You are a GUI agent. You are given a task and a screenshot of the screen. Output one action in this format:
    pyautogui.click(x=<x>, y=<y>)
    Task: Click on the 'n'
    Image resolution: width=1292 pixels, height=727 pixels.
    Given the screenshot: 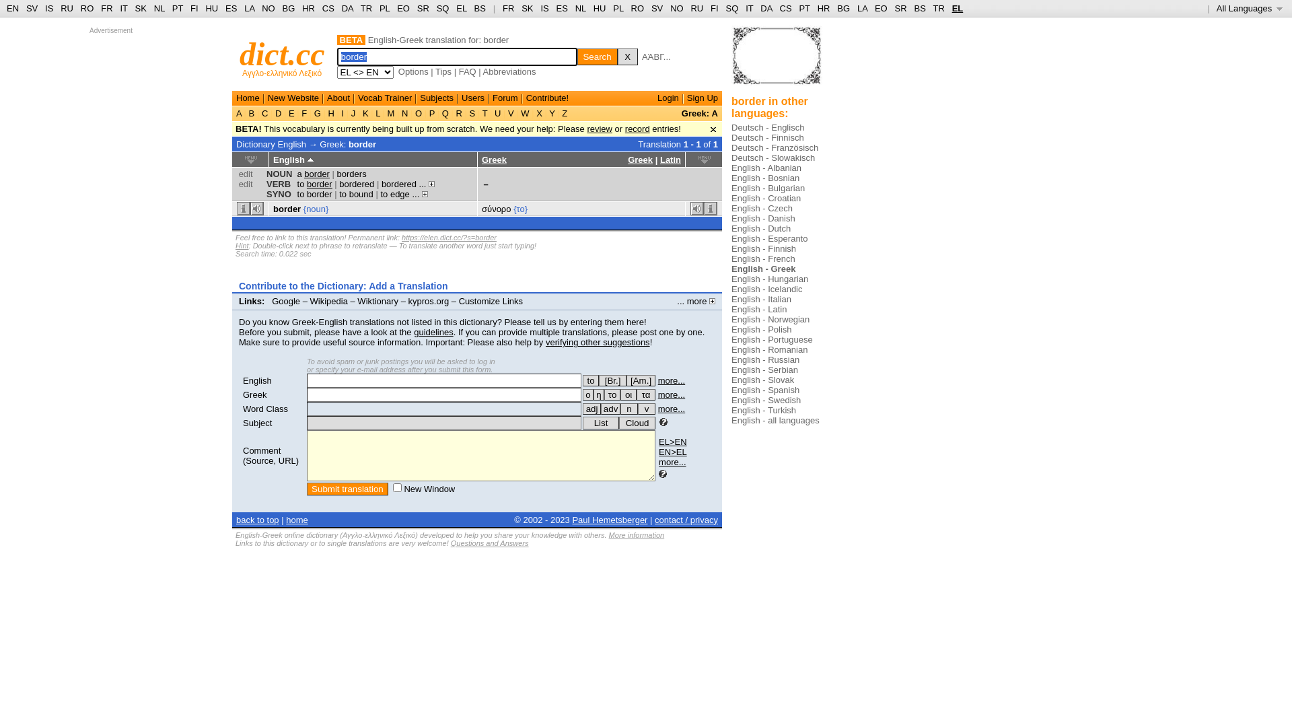 What is the action you would take?
    pyautogui.click(x=629, y=408)
    